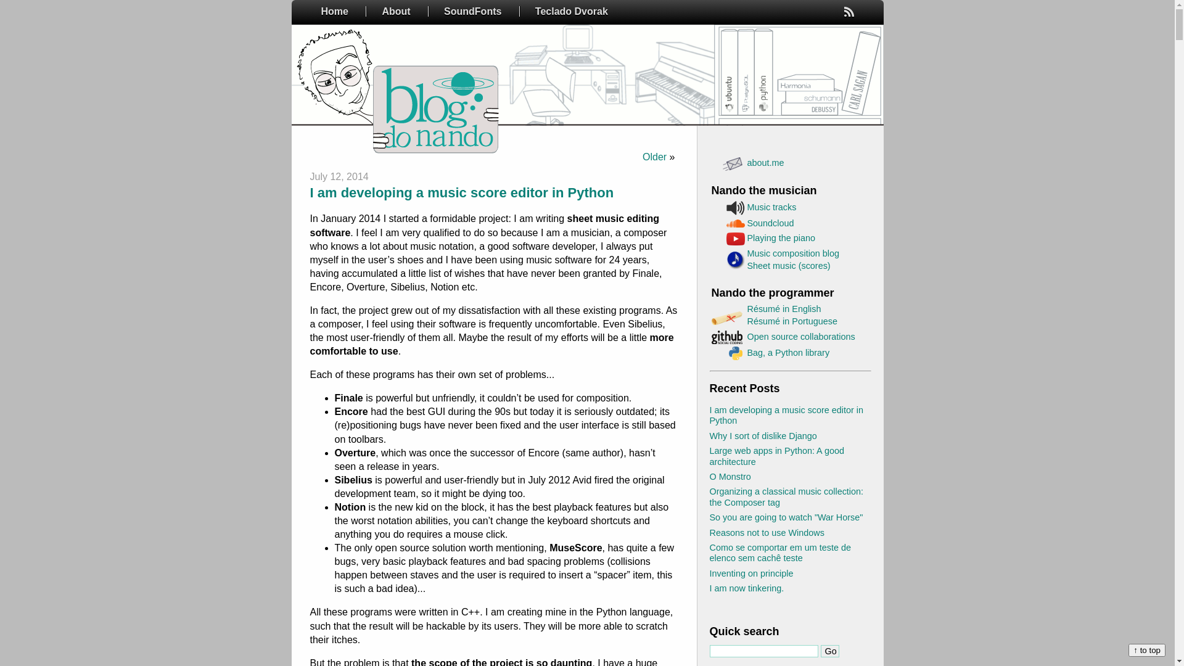  I want to click on 'Music tracks', so click(746, 206).